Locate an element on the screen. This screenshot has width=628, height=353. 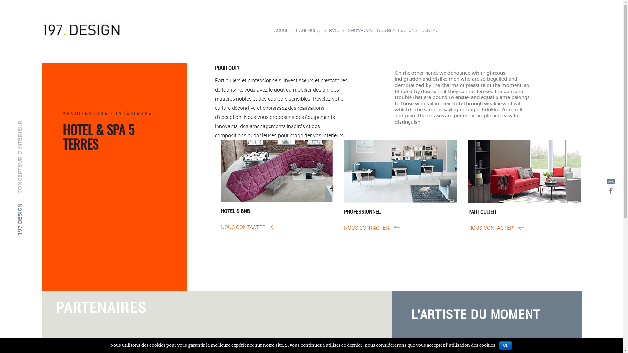
'lien facebook 197.design' is located at coordinates (610, 190).